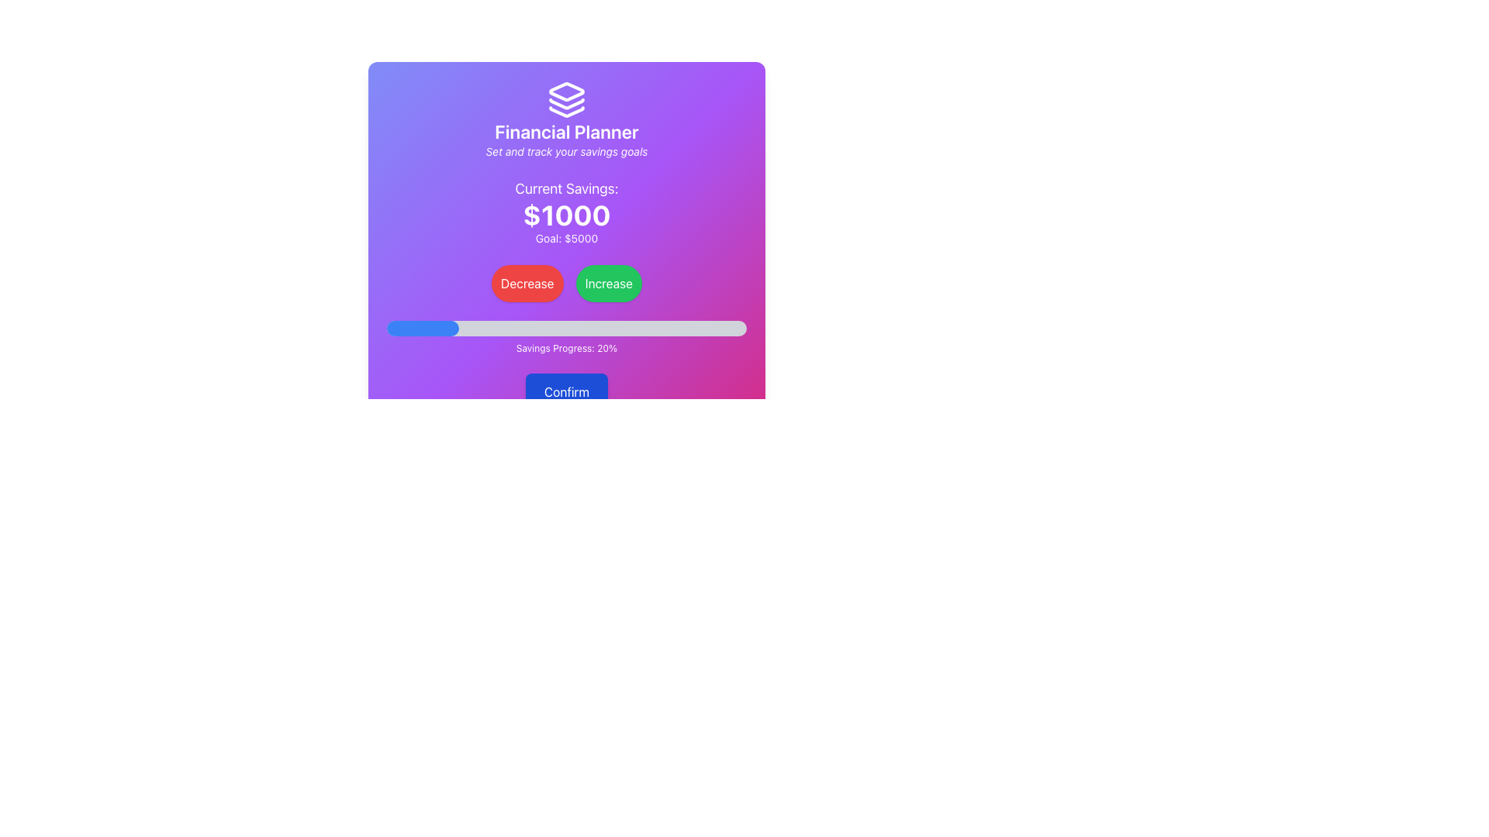 This screenshot has width=1489, height=837. I want to click on the green circular button labeled 'Increase', so click(608, 284).